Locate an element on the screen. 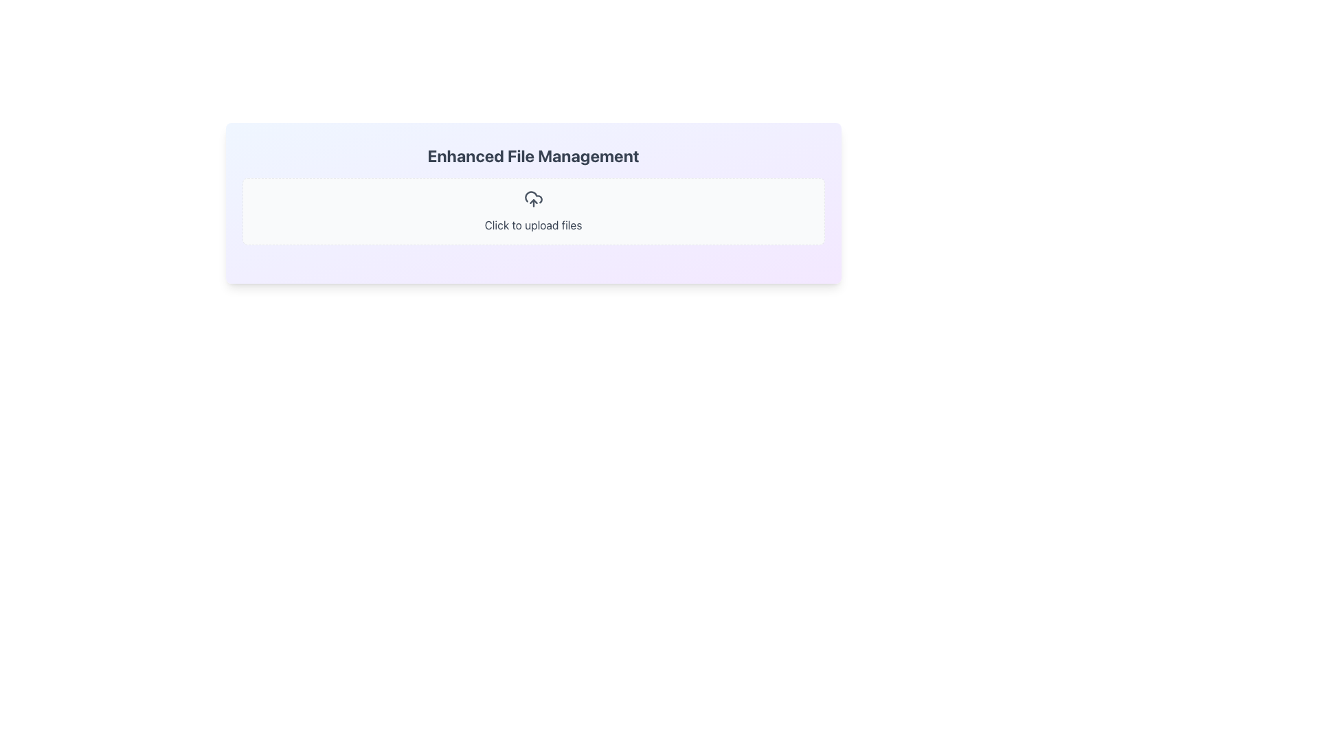  the Upload Area, which has a light gray background, dashed border, and displays an upload cloud icon with the text 'Click to upload files' is located at coordinates (532, 212).